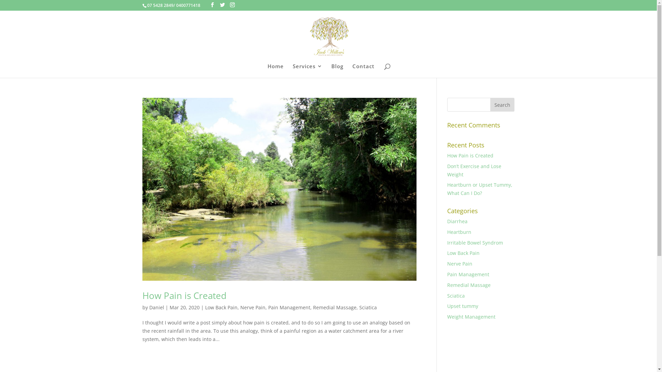 The width and height of the screenshot is (662, 372). What do you see at coordinates (447, 242) in the screenshot?
I see `'Irritable Bowel Syndrom'` at bounding box center [447, 242].